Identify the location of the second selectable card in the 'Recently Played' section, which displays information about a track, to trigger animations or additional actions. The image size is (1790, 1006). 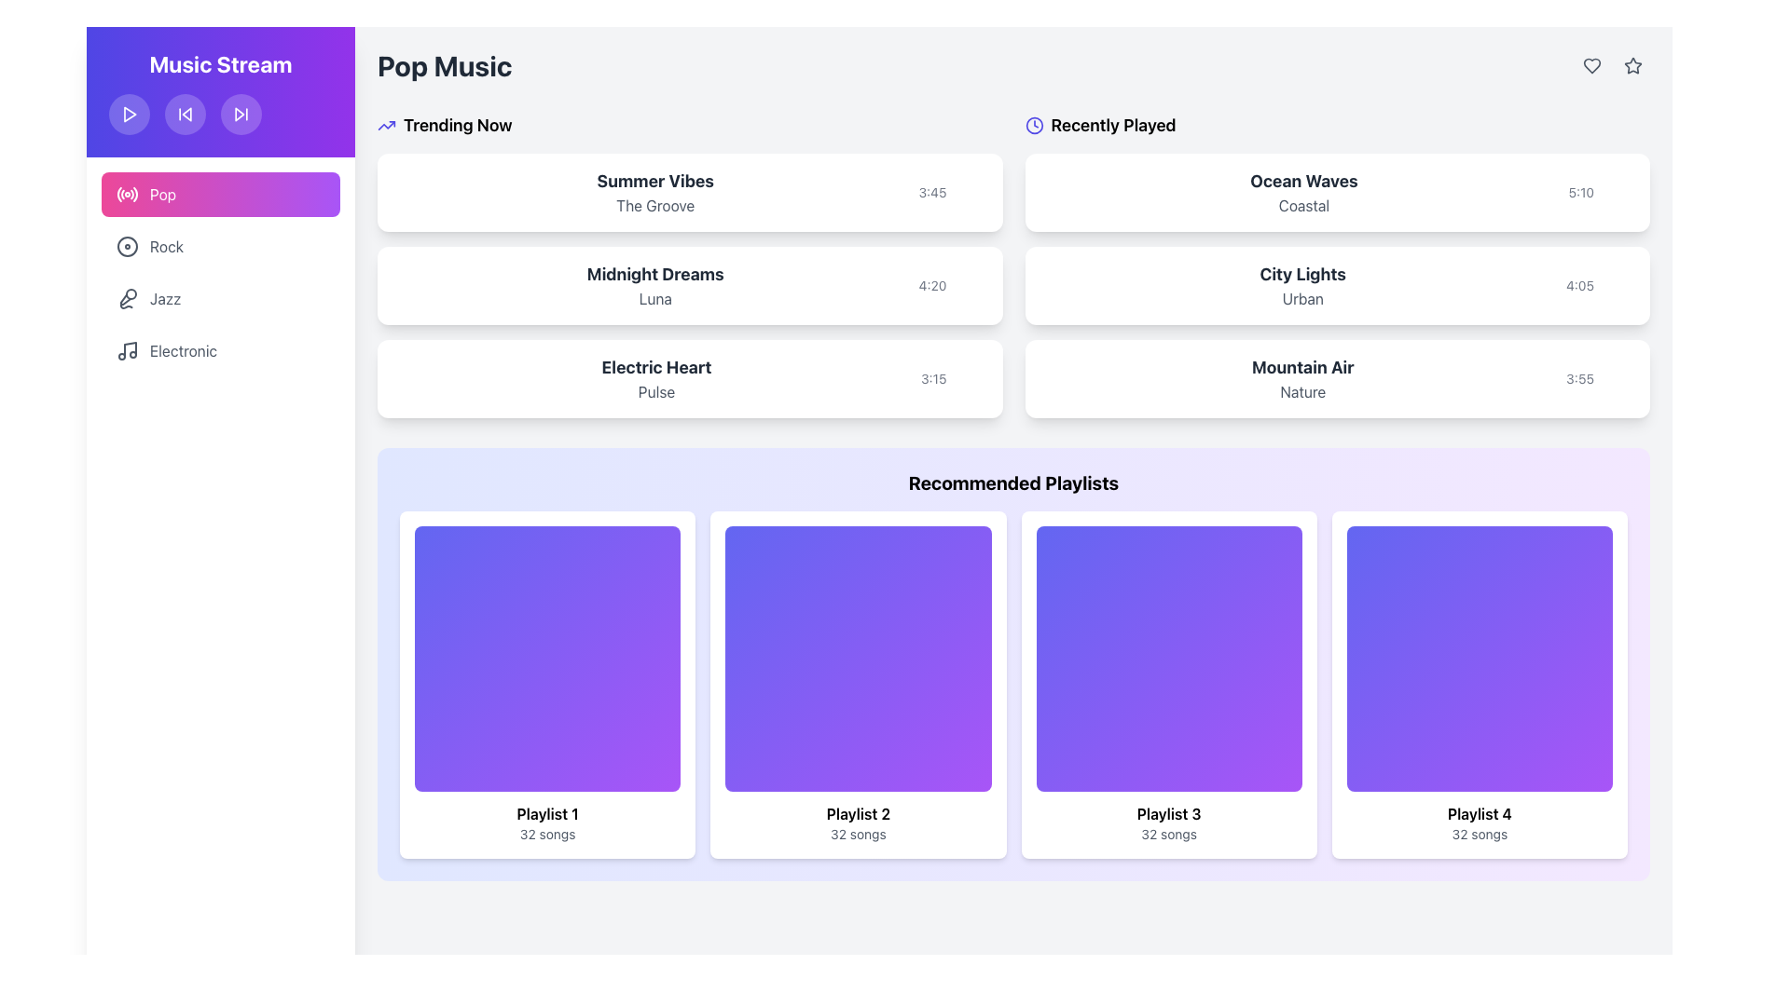
(1336, 286).